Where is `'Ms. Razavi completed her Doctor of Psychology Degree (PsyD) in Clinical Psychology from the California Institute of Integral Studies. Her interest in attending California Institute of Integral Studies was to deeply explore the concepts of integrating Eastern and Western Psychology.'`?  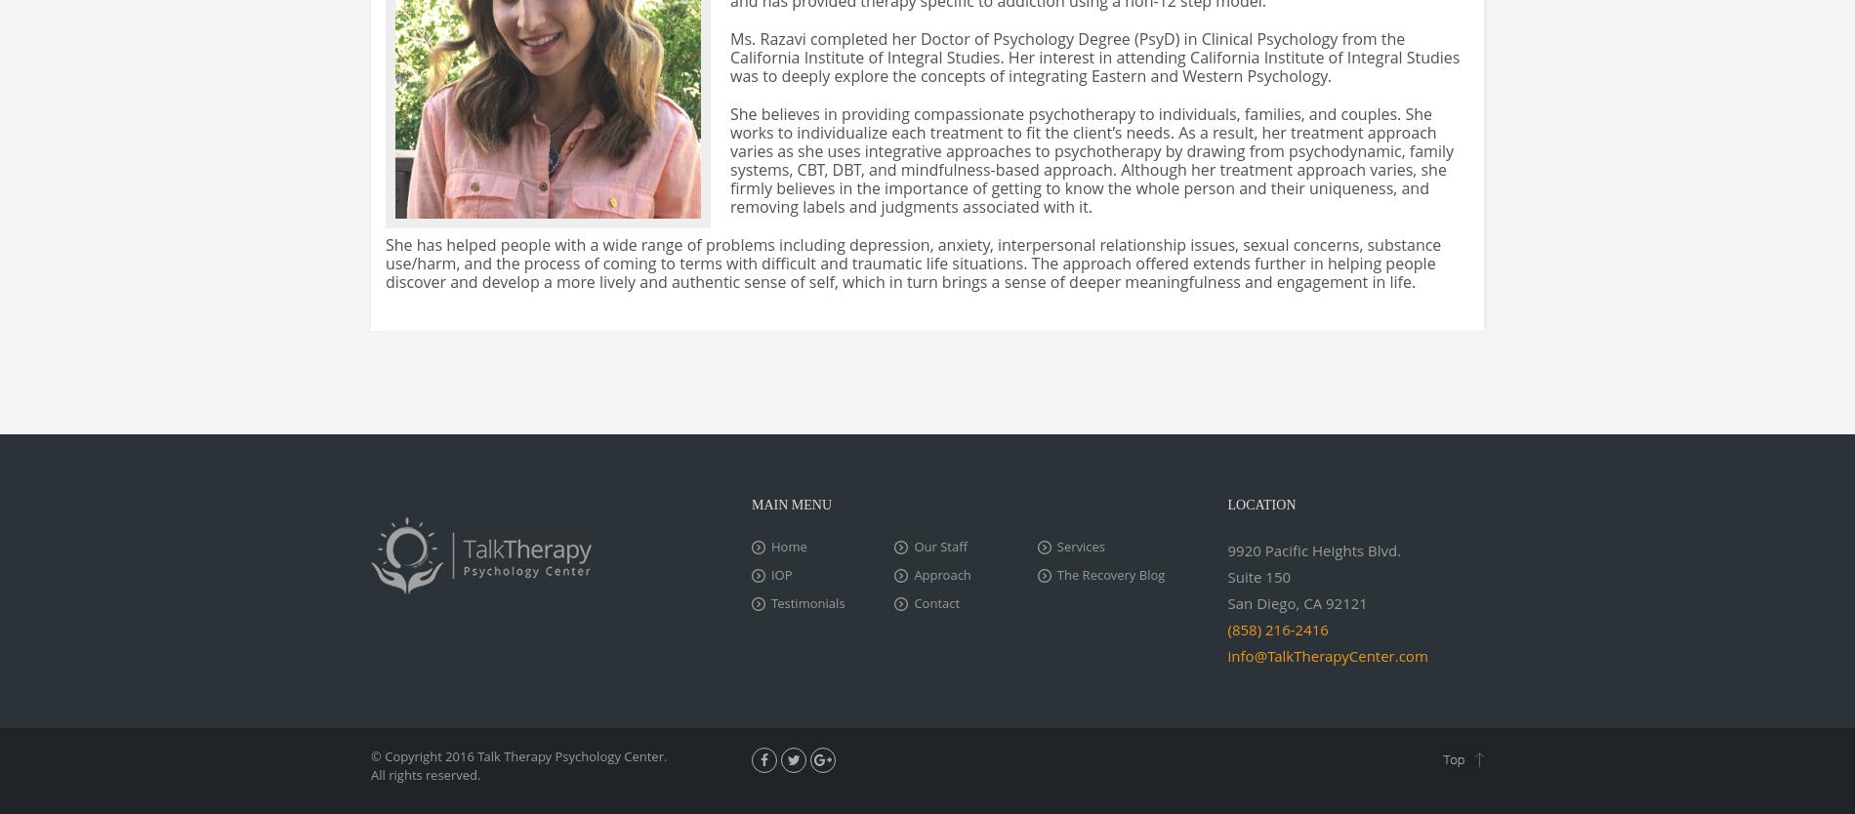 'Ms. Razavi completed her Doctor of Psychology Degree (PsyD) in Clinical Psychology from the California Institute of Integral Studies. Her interest in attending California Institute of Integral Studies was to deeply explore the concepts of integrating Eastern and Western Psychology.' is located at coordinates (1094, 57).